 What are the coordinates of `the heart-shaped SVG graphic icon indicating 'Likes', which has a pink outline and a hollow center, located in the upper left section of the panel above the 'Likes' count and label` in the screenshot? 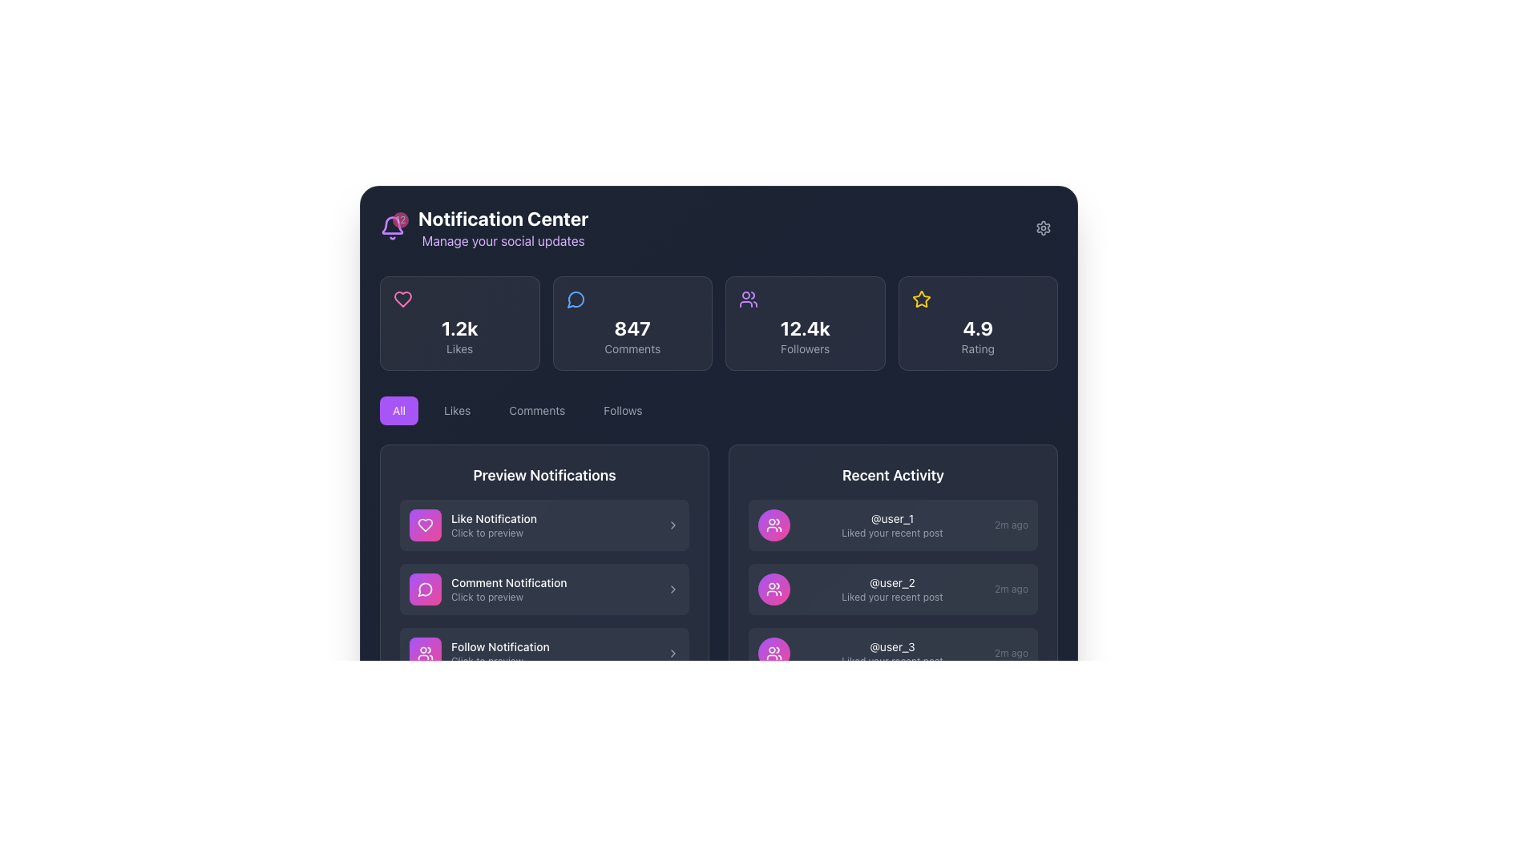 It's located at (403, 300).